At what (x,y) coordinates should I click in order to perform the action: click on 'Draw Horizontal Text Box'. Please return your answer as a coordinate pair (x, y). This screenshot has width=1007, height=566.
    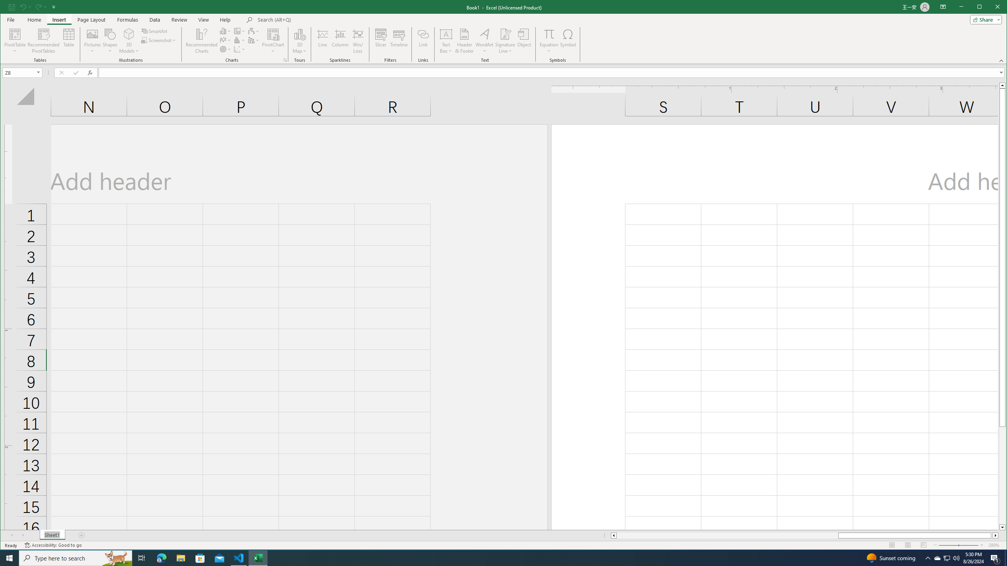
    Looking at the image, I should click on (446, 33).